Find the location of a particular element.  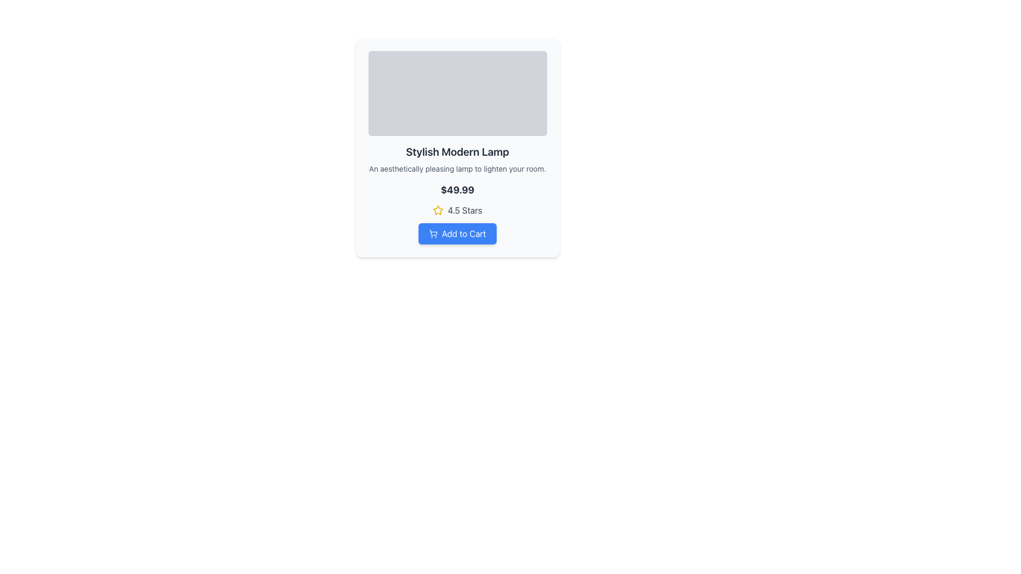

styling of the Image Placeholder located at the top of the product display card, directly above the text 'Stylish Modern Lamp' is located at coordinates (457, 93).